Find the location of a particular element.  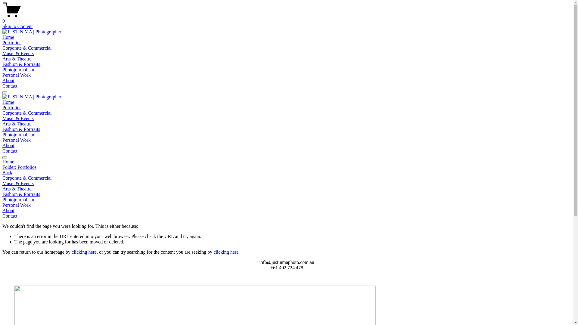

'Photojournalism' is located at coordinates (18, 134).